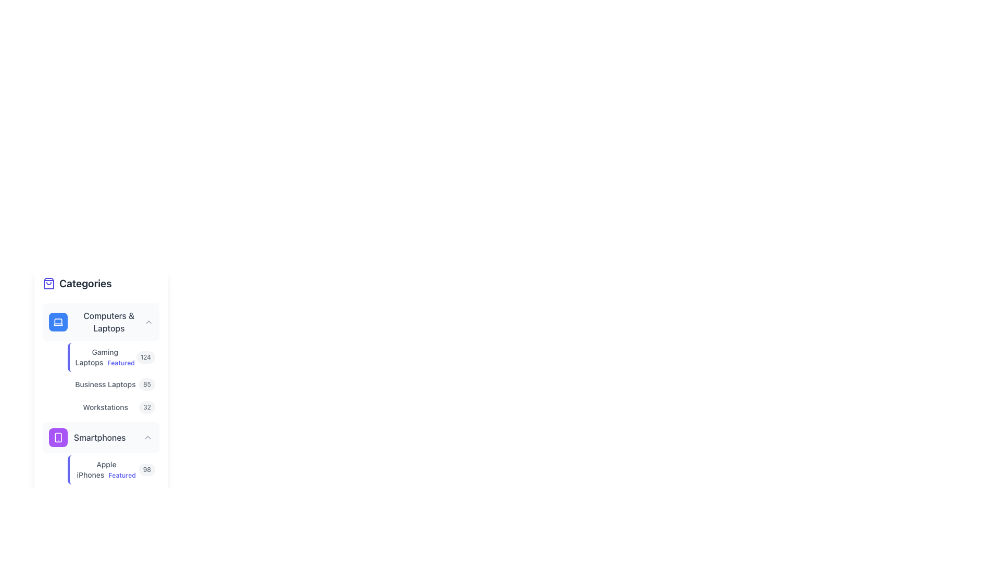 The height and width of the screenshot is (562, 1000). Describe the element at coordinates (101, 476) in the screenshot. I see `the nested list item labeled 'Apple iPhones' with a highlighted numeric indicator '98'` at that location.